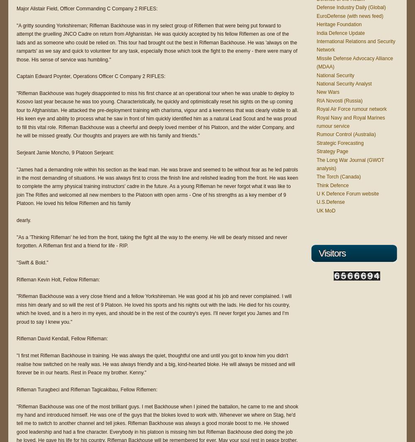  Describe the element at coordinates (347, 193) in the screenshot. I see `'U K Defence Forum website'` at that location.